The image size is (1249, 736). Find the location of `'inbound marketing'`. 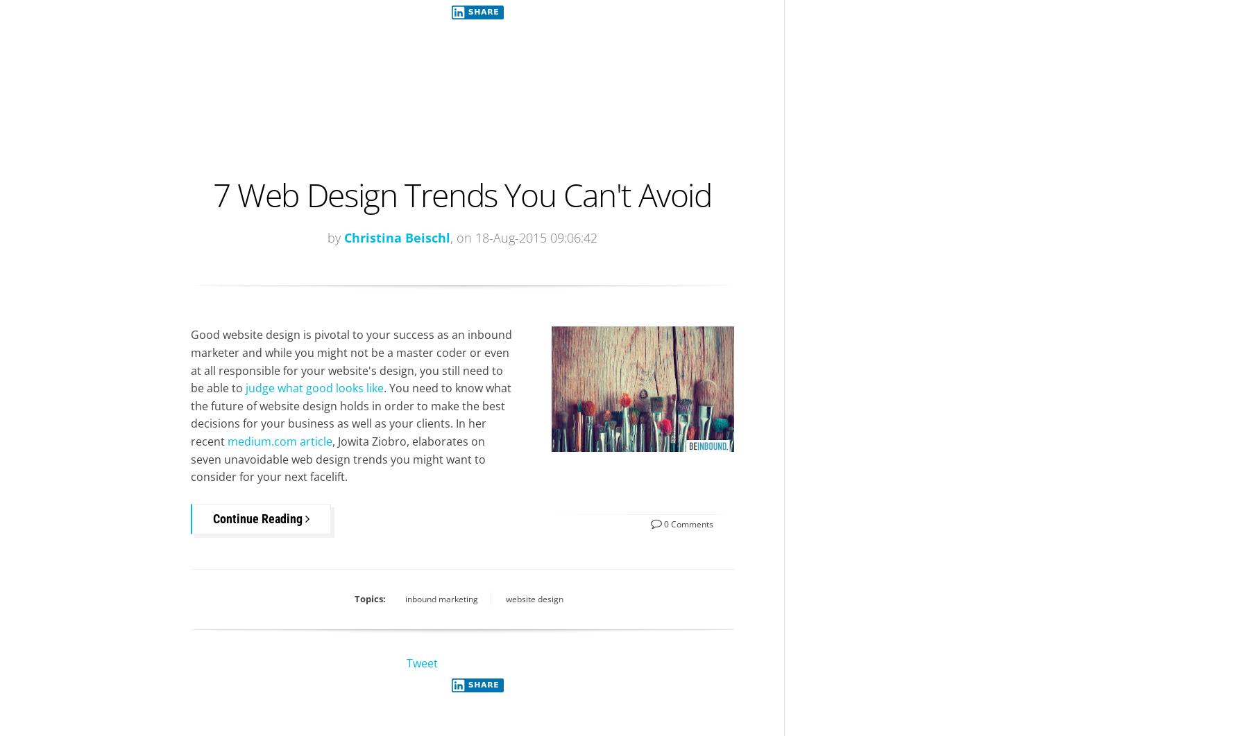

'inbound marketing' is located at coordinates (441, 597).